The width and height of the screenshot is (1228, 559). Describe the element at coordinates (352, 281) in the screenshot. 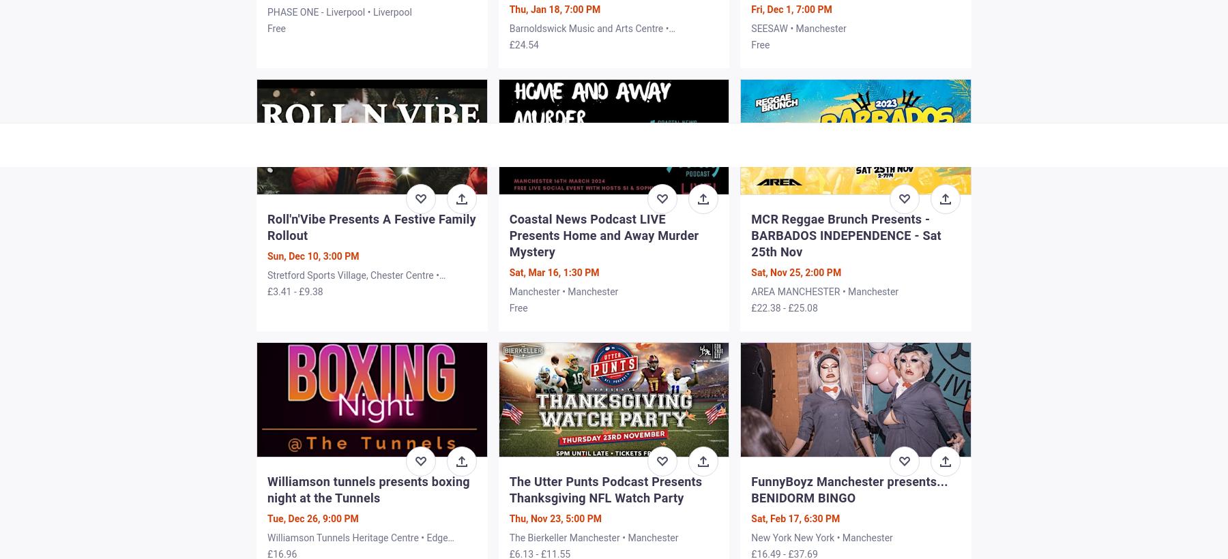

I see `'Stretford Sports Village, Chester Centre • Manchester'` at that location.